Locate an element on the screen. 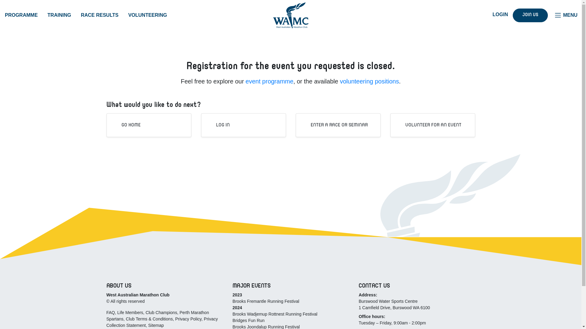  'TRAINING' is located at coordinates (59, 15).